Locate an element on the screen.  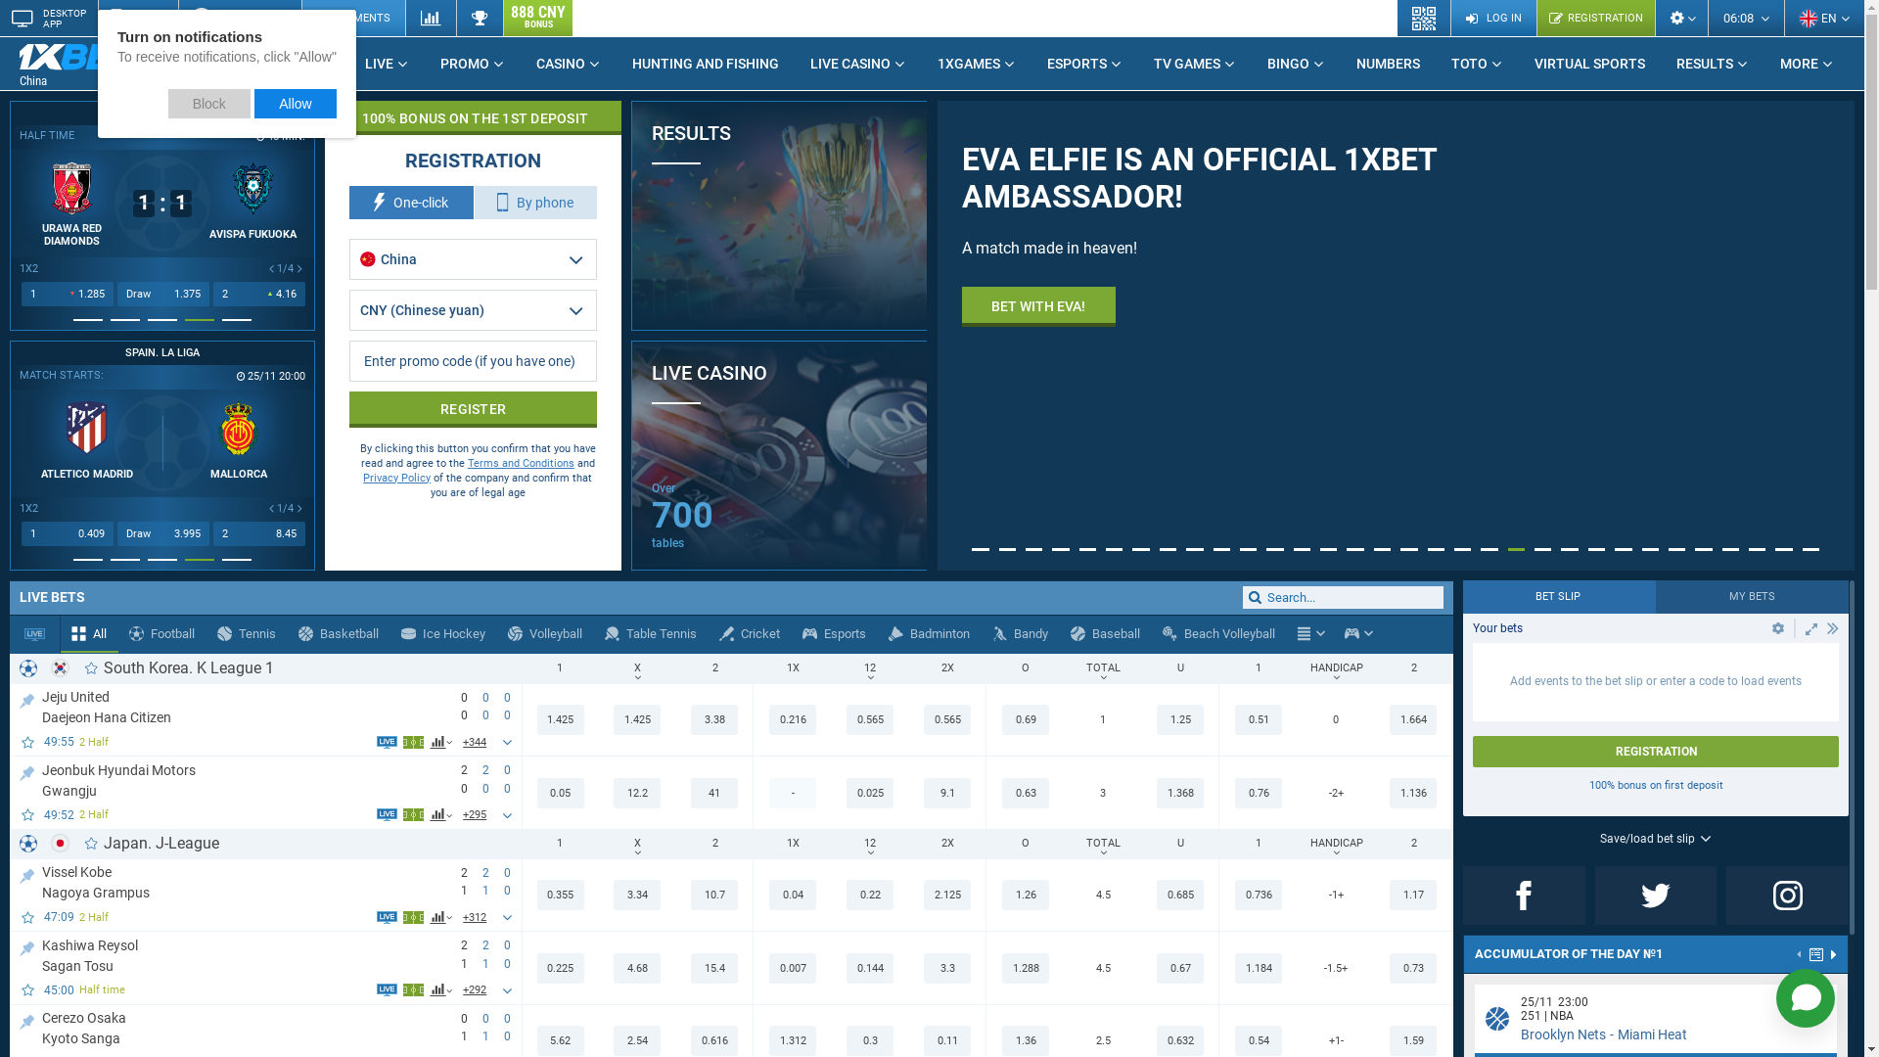
'Japan' is located at coordinates (60, 842).